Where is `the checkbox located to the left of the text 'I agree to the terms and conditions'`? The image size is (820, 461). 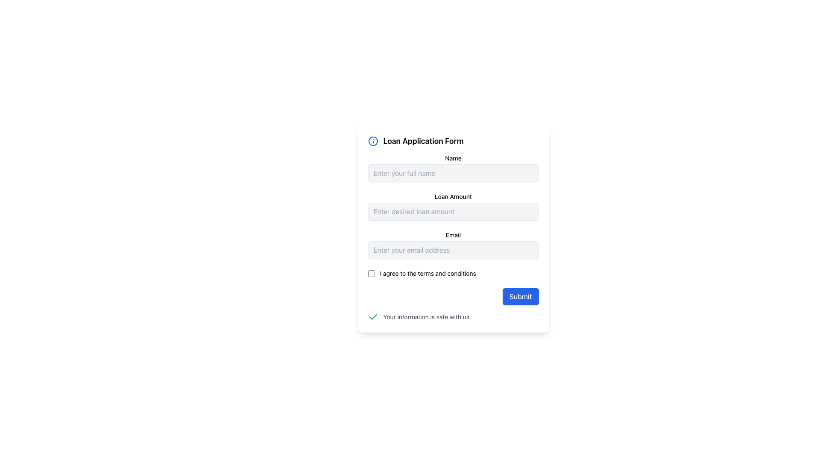 the checkbox located to the left of the text 'I agree to the terms and conditions' is located at coordinates (371, 273).